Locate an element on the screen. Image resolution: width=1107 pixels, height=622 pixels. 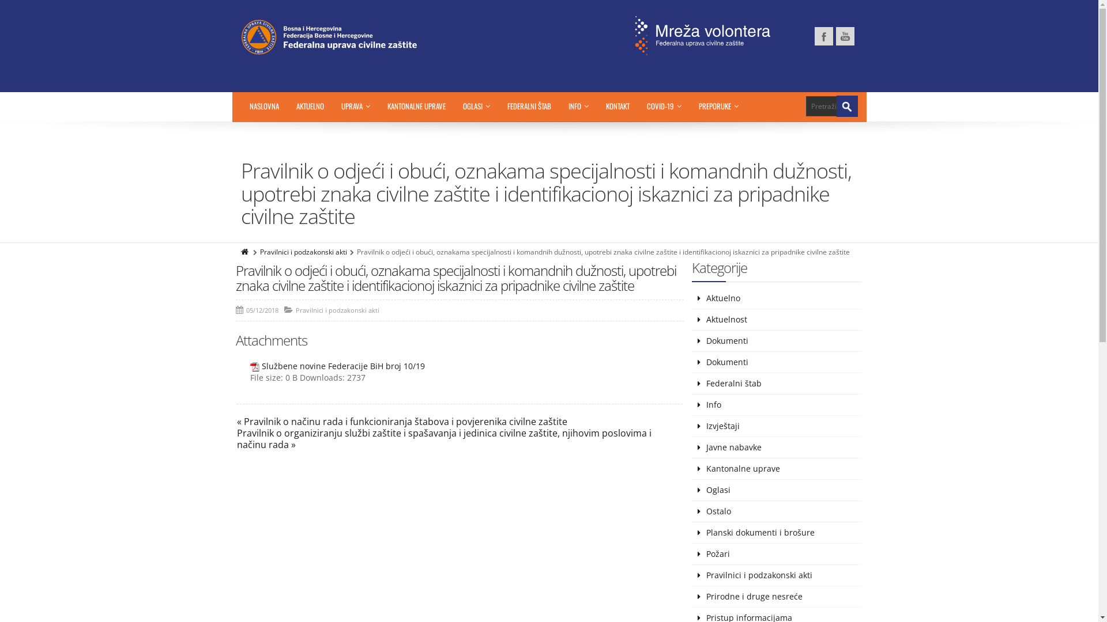
'COVID-19' is located at coordinates (664, 106).